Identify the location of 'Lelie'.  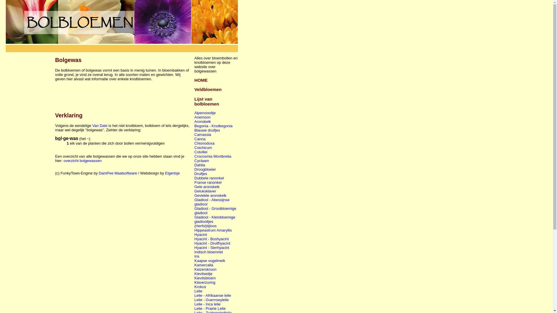
(198, 291).